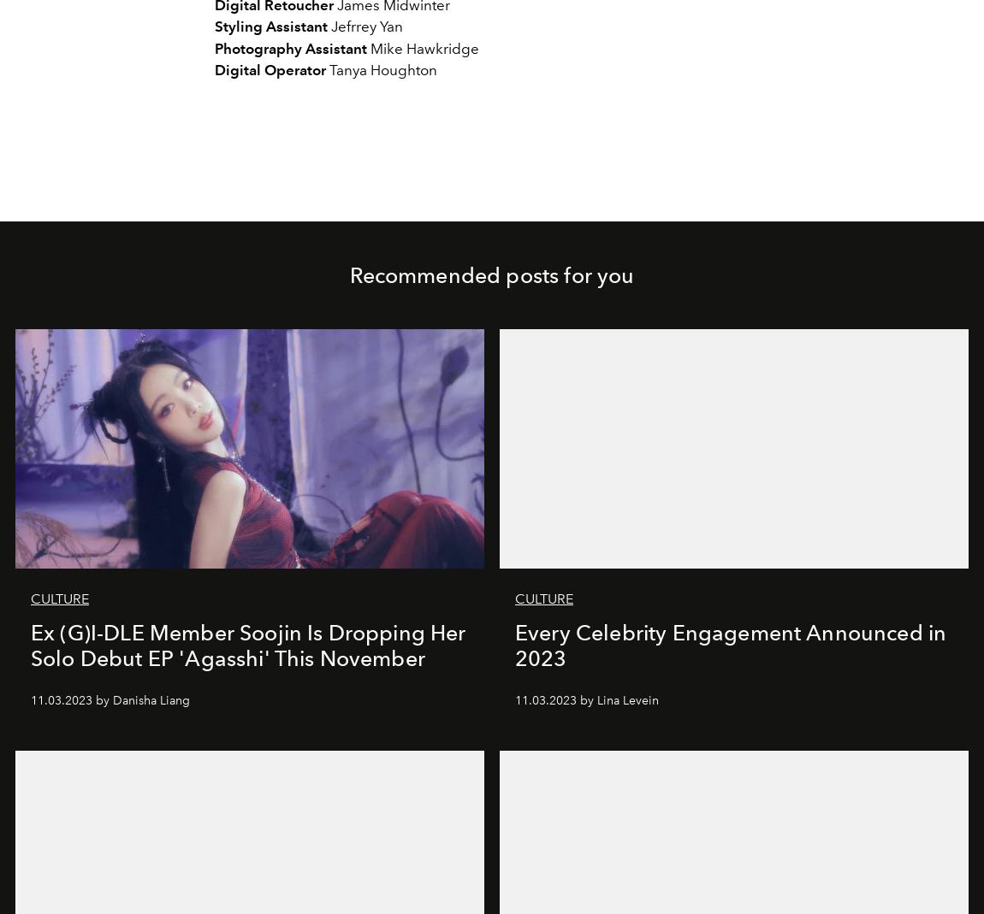 The width and height of the screenshot is (984, 914). Describe the element at coordinates (514, 646) in the screenshot. I see `'Every Celebrity Engagement Announced in 2023'` at that location.